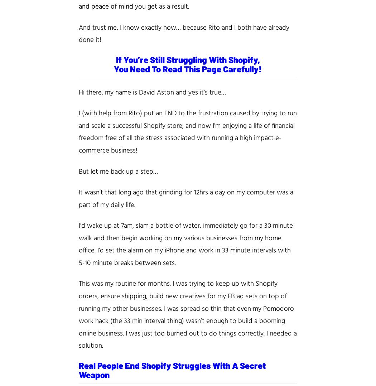 The image size is (376, 386). I want to click on 'David Aston', so click(139, 92).